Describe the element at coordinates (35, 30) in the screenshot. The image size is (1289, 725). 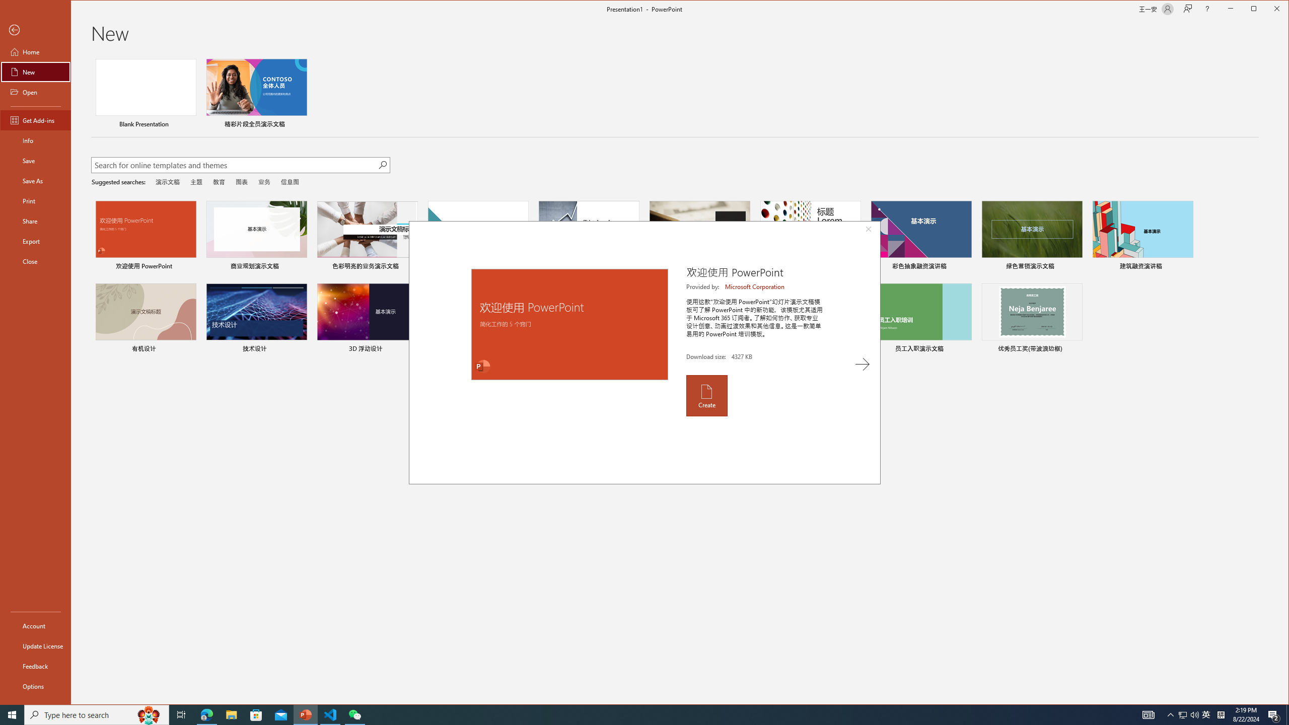
I see `'Back'` at that location.